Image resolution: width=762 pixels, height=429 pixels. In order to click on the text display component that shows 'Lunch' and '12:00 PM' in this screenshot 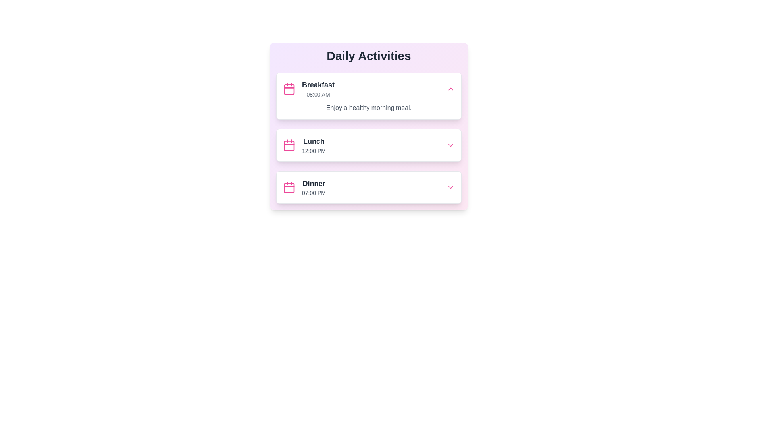, I will do `click(314, 145)`.